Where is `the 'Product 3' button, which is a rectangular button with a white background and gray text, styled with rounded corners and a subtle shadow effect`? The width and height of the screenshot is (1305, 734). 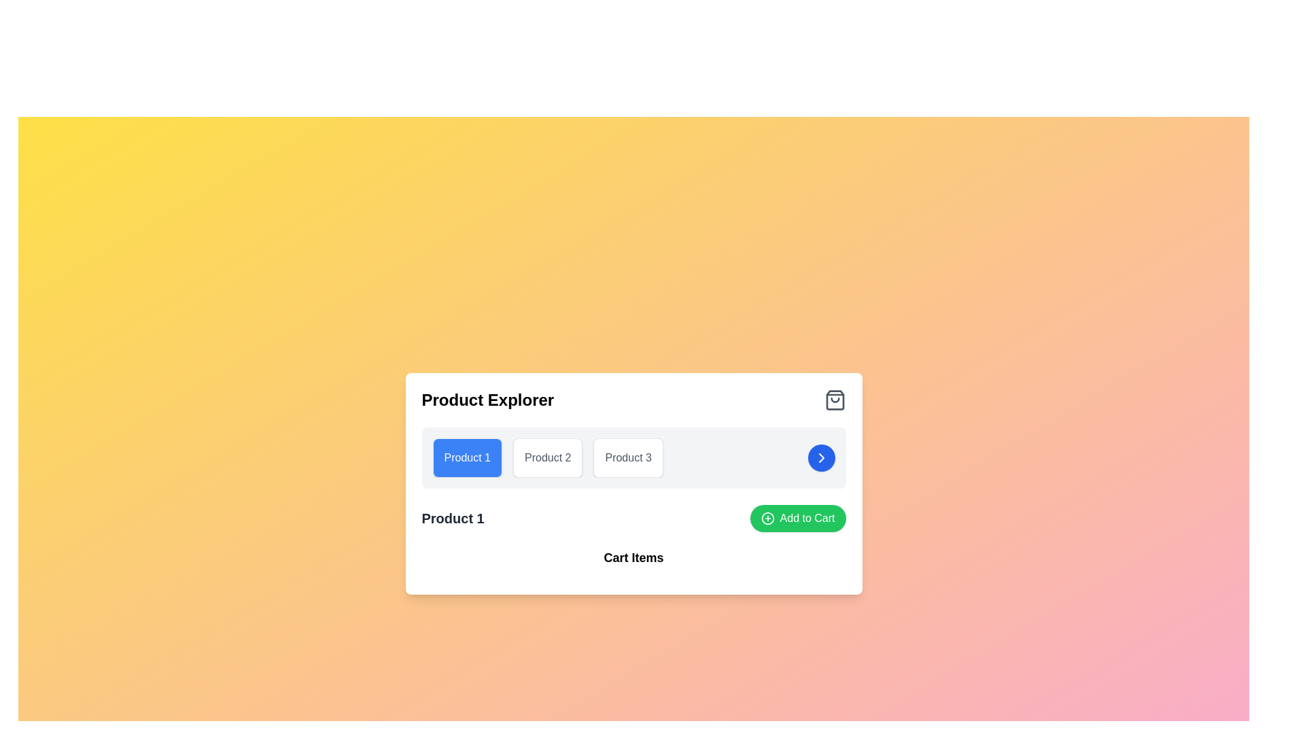
the 'Product 3' button, which is a rectangular button with a white background and gray text, styled with rounded corners and a subtle shadow effect is located at coordinates (627, 458).